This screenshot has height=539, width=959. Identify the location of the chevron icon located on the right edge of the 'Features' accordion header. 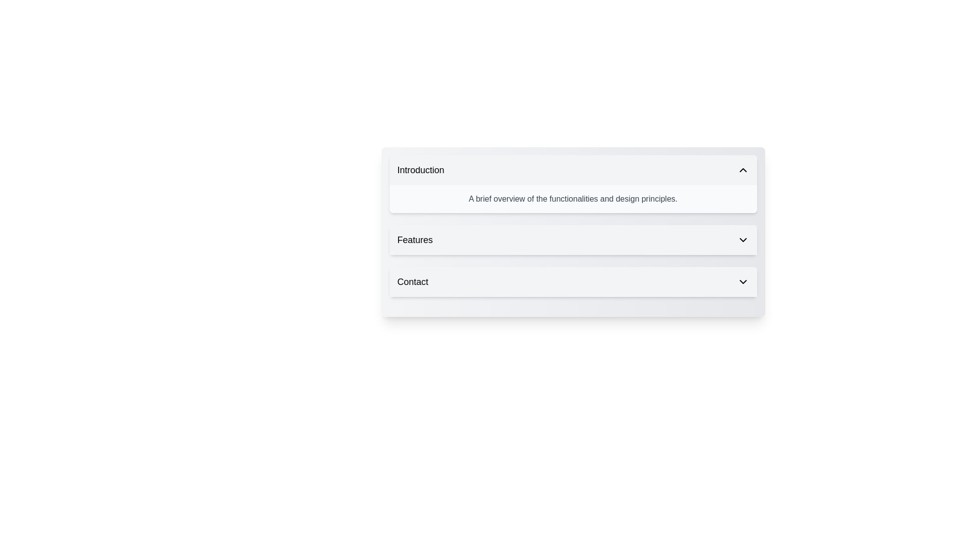
(743, 240).